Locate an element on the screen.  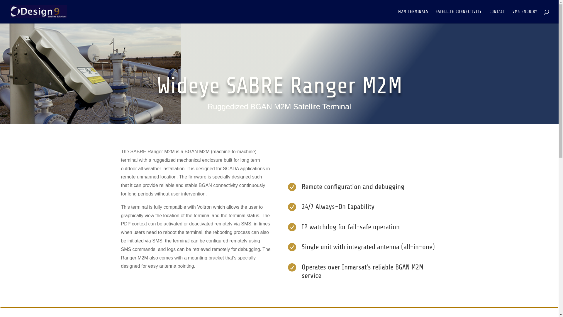
'SATELLITE CONNECTIVITY' is located at coordinates (458, 16).